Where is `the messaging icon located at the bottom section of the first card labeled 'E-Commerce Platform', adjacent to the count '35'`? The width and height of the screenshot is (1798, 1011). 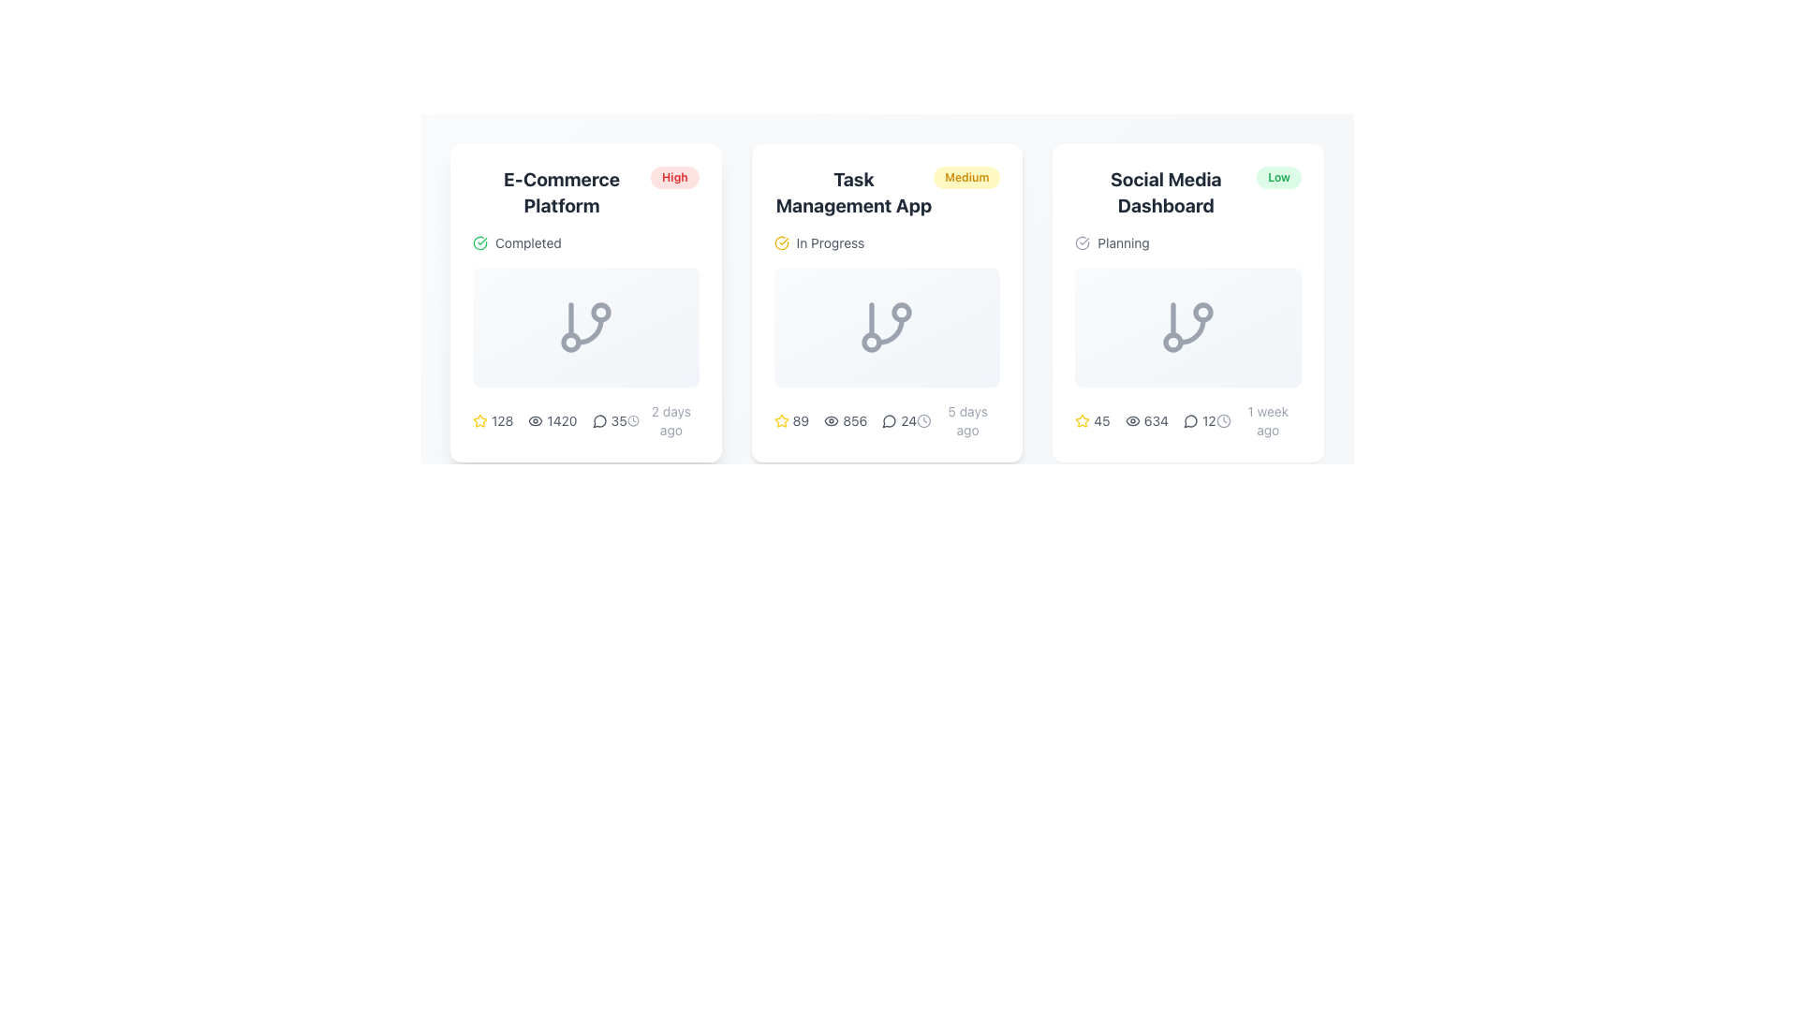
the messaging icon located at the bottom section of the first card labeled 'E-Commerce Platform', adjacent to the count '35' is located at coordinates (599, 421).